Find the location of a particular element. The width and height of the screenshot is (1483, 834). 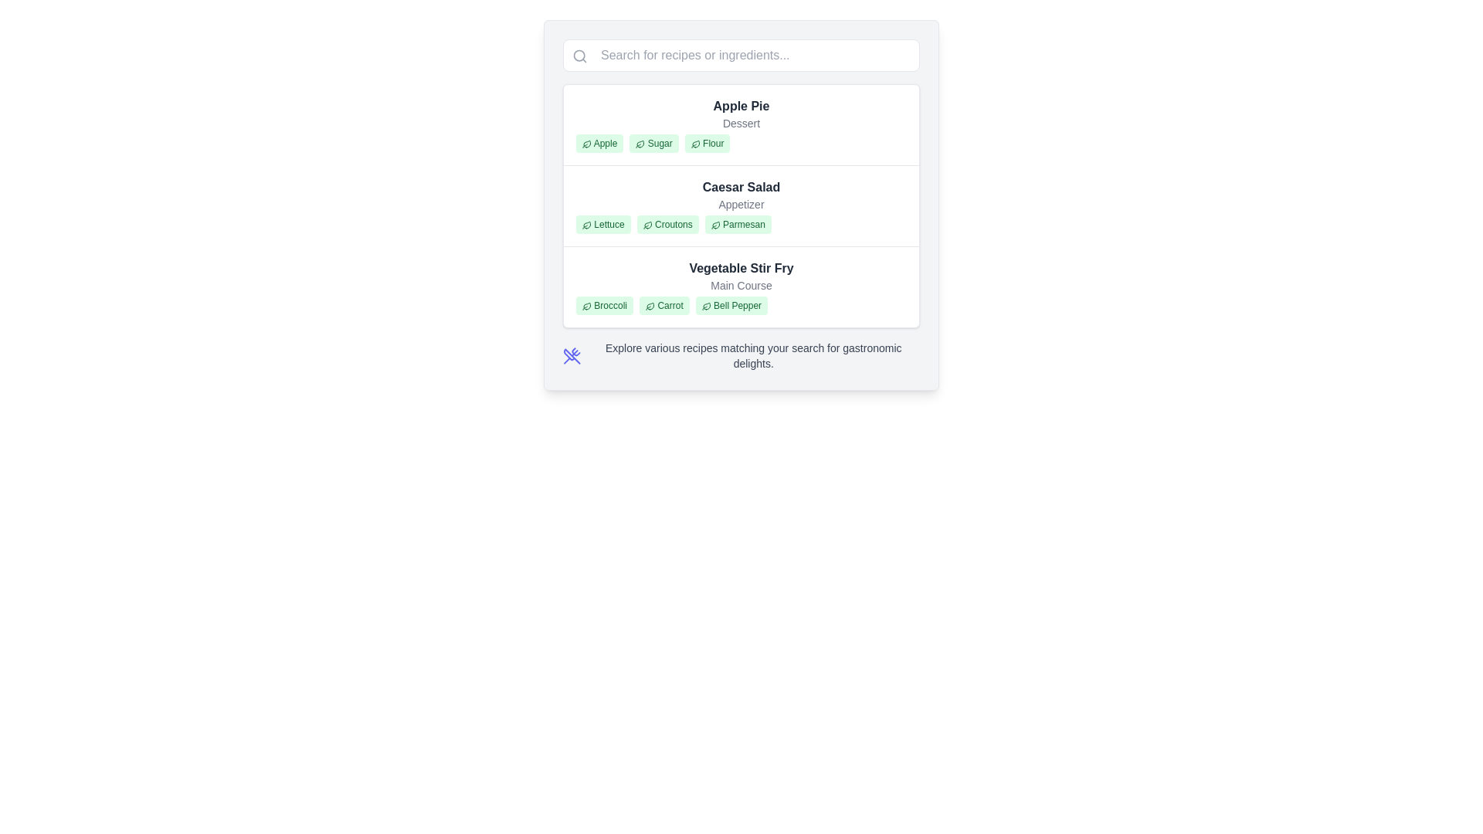

the List Item displaying 'Apple Pie' with the tags 'Apple', 'Sugar', and 'Flour' at the top of the list is located at coordinates (741, 124).